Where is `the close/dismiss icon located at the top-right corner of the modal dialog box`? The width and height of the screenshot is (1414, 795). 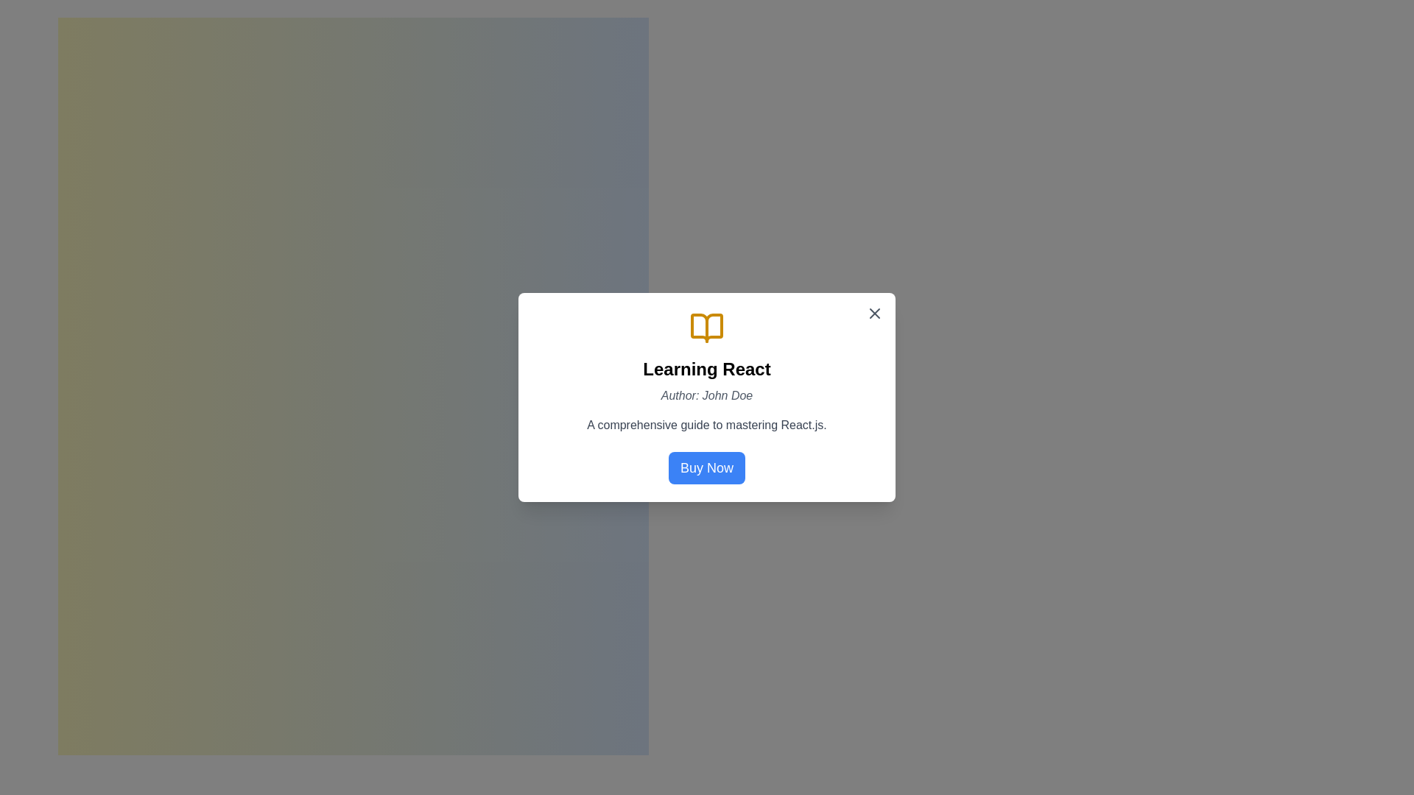
the close/dismiss icon located at the top-right corner of the modal dialog box is located at coordinates (875, 312).